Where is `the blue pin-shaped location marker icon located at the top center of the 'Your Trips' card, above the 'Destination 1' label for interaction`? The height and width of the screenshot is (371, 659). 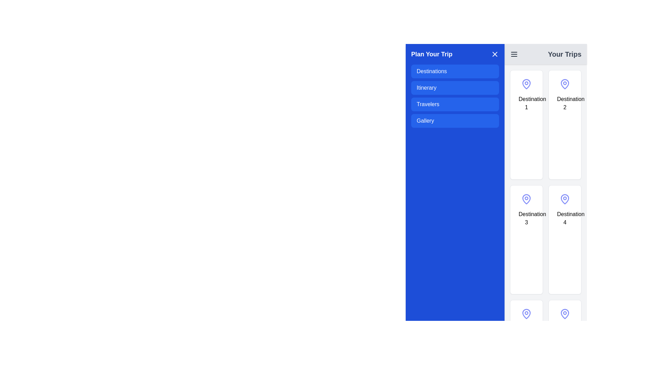 the blue pin-shaped location marker icon located at the top center of the 'Your Trips' card, above the 'Destination 1' label for interaction is located at coordinates (526, 83).